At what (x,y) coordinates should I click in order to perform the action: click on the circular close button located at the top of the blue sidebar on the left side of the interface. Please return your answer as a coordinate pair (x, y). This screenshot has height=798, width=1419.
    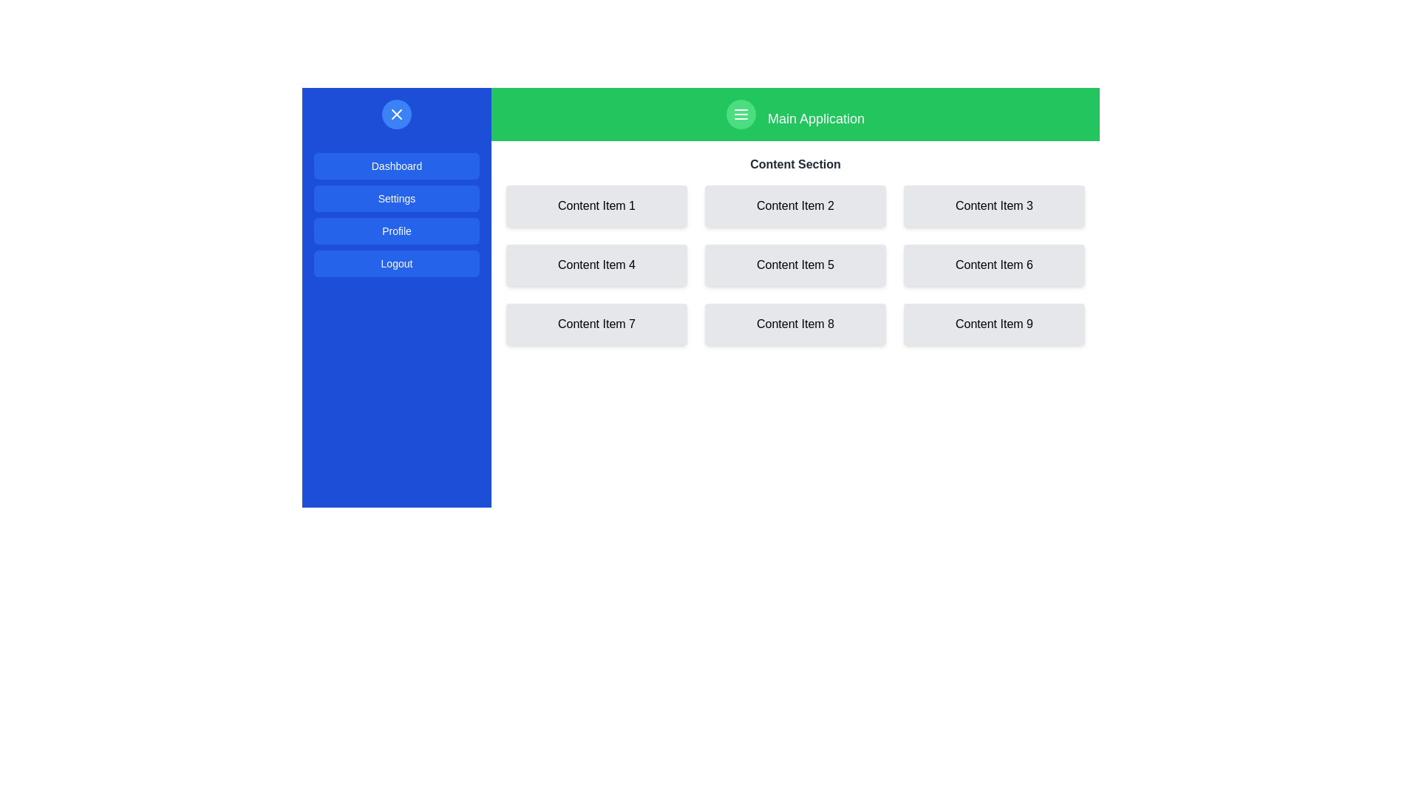
    Looking at the image, I should click on (397, 113).